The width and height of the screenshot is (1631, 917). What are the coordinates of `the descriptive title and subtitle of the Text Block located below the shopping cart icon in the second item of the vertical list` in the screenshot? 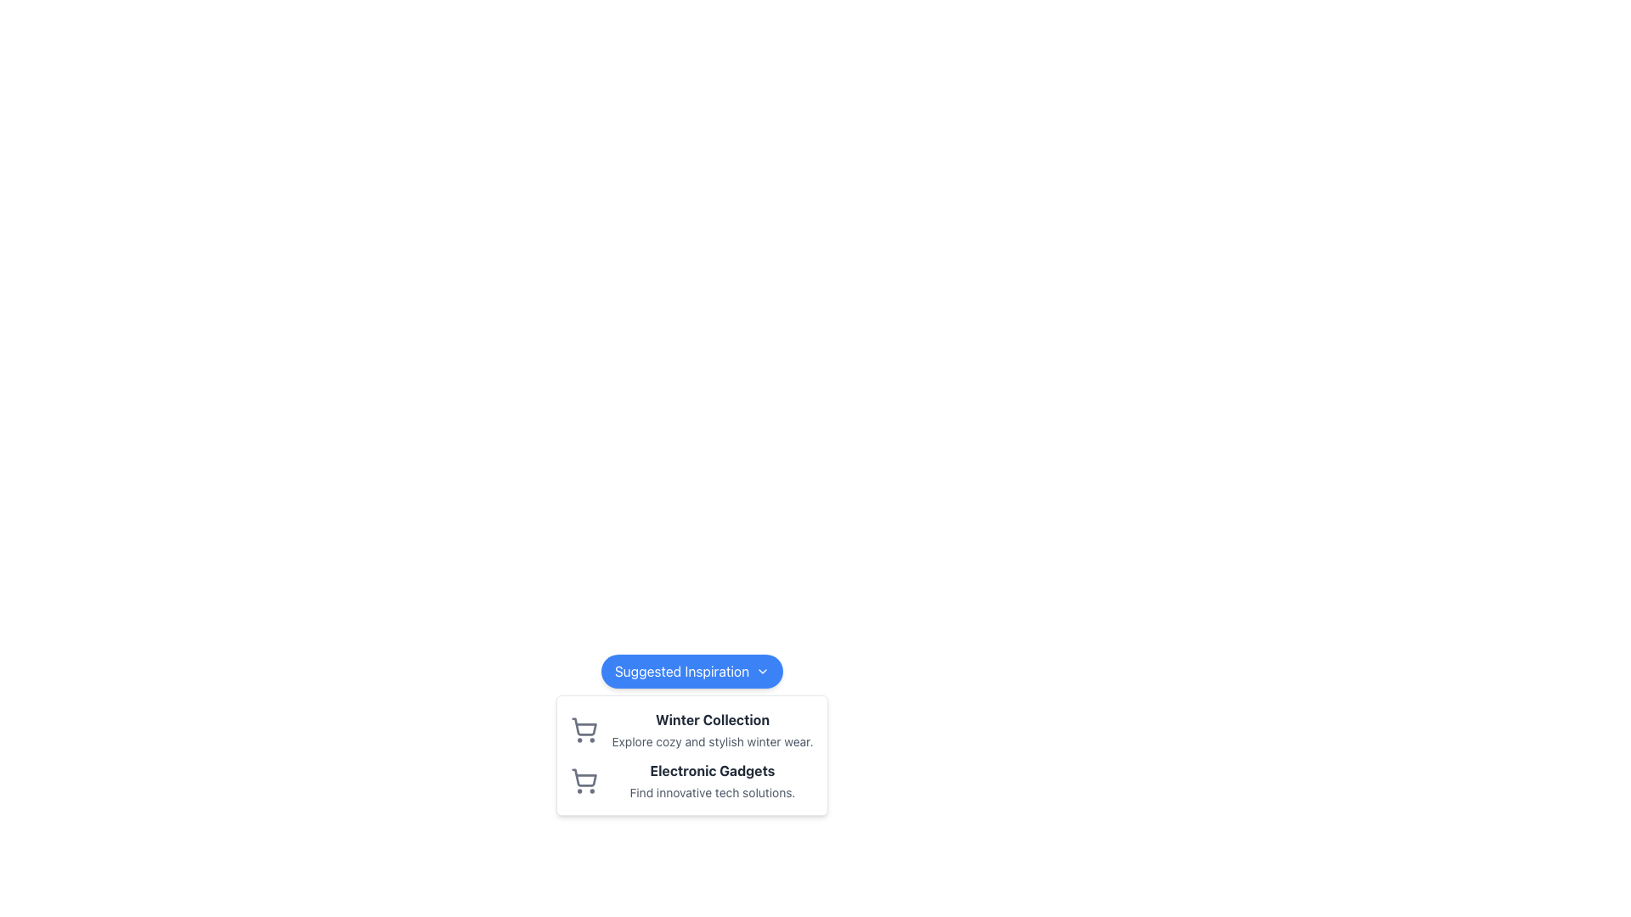 It's located at (713, 781).